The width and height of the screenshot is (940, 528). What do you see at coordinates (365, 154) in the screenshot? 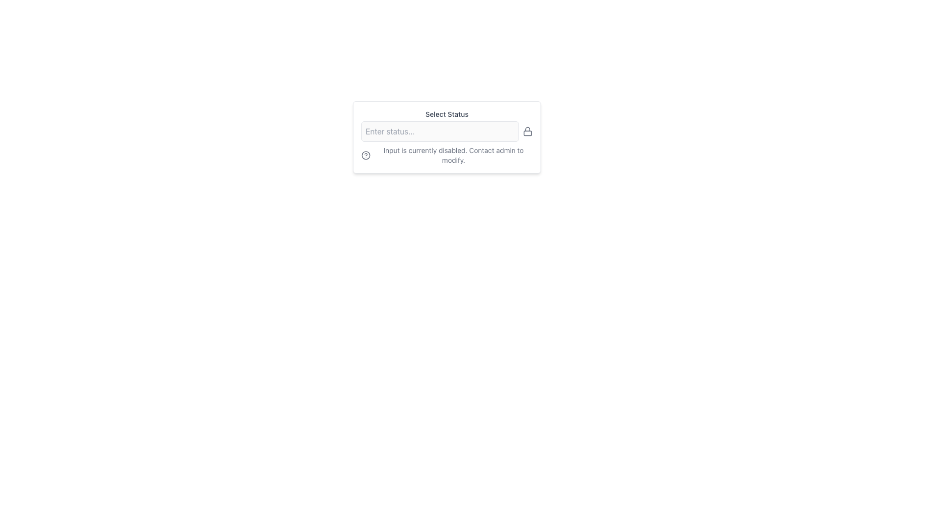
I see `the Help Icon located on the left side of the text 'Input is currently disabled. Contact admin to modify.'` at bounding box center [365, 154].